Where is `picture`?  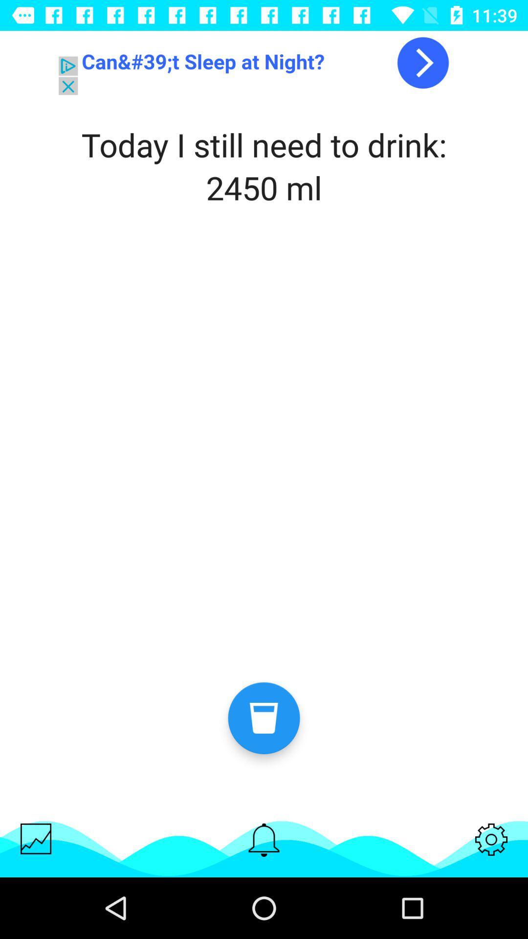
picture is located at coordinates (35, 838).